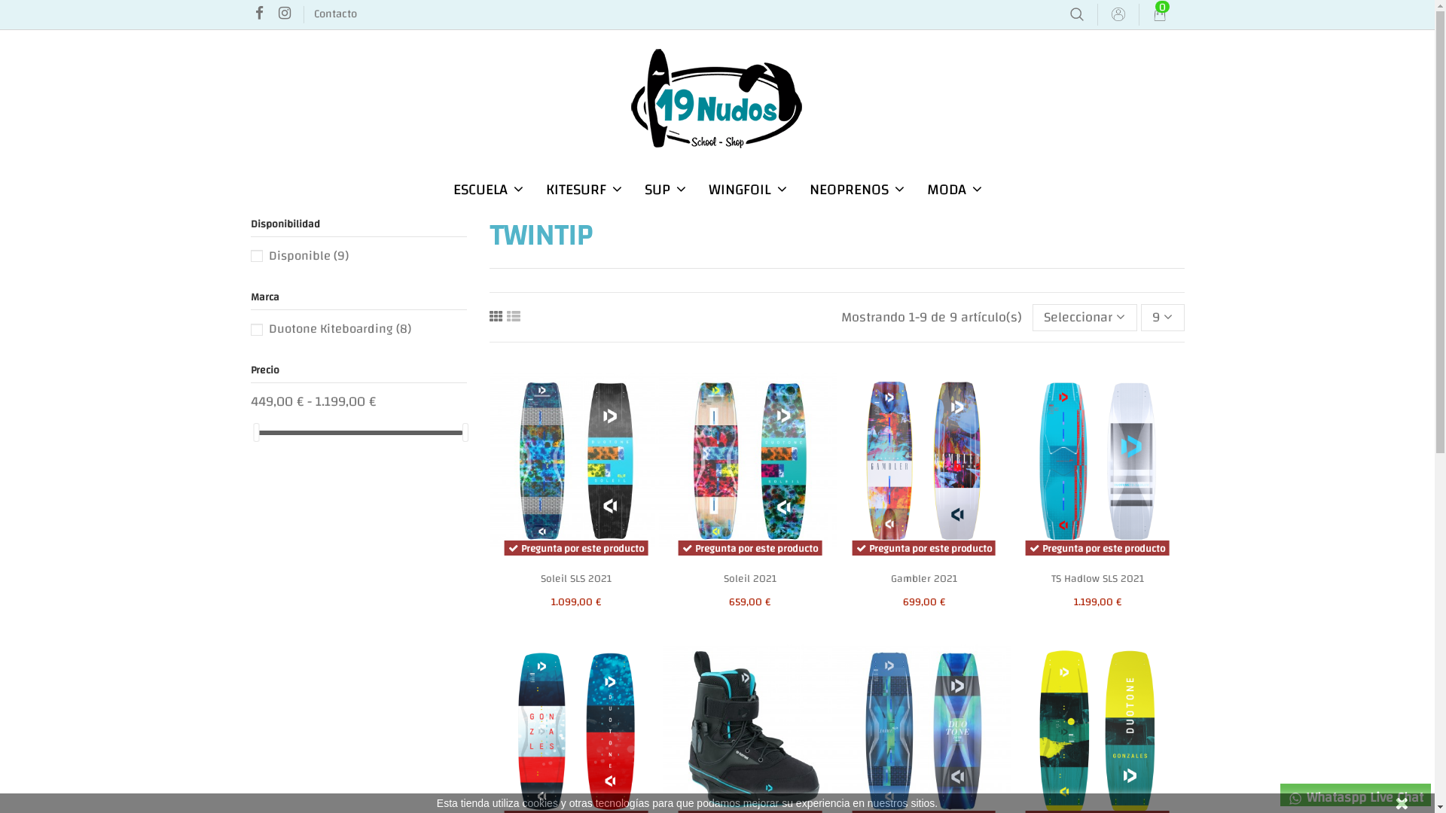 Image resolution: width=1446 pixels, height=813 pixels. Describe the element at coordinates (1356, 794) in the screenshot. I see `'Whataspp Live Chat'` at that location.